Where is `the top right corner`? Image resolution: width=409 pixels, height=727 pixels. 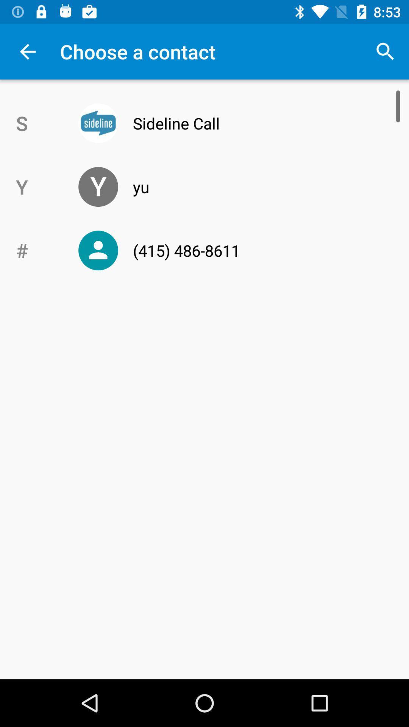
the top right corner is located at coordinates (385, 51).